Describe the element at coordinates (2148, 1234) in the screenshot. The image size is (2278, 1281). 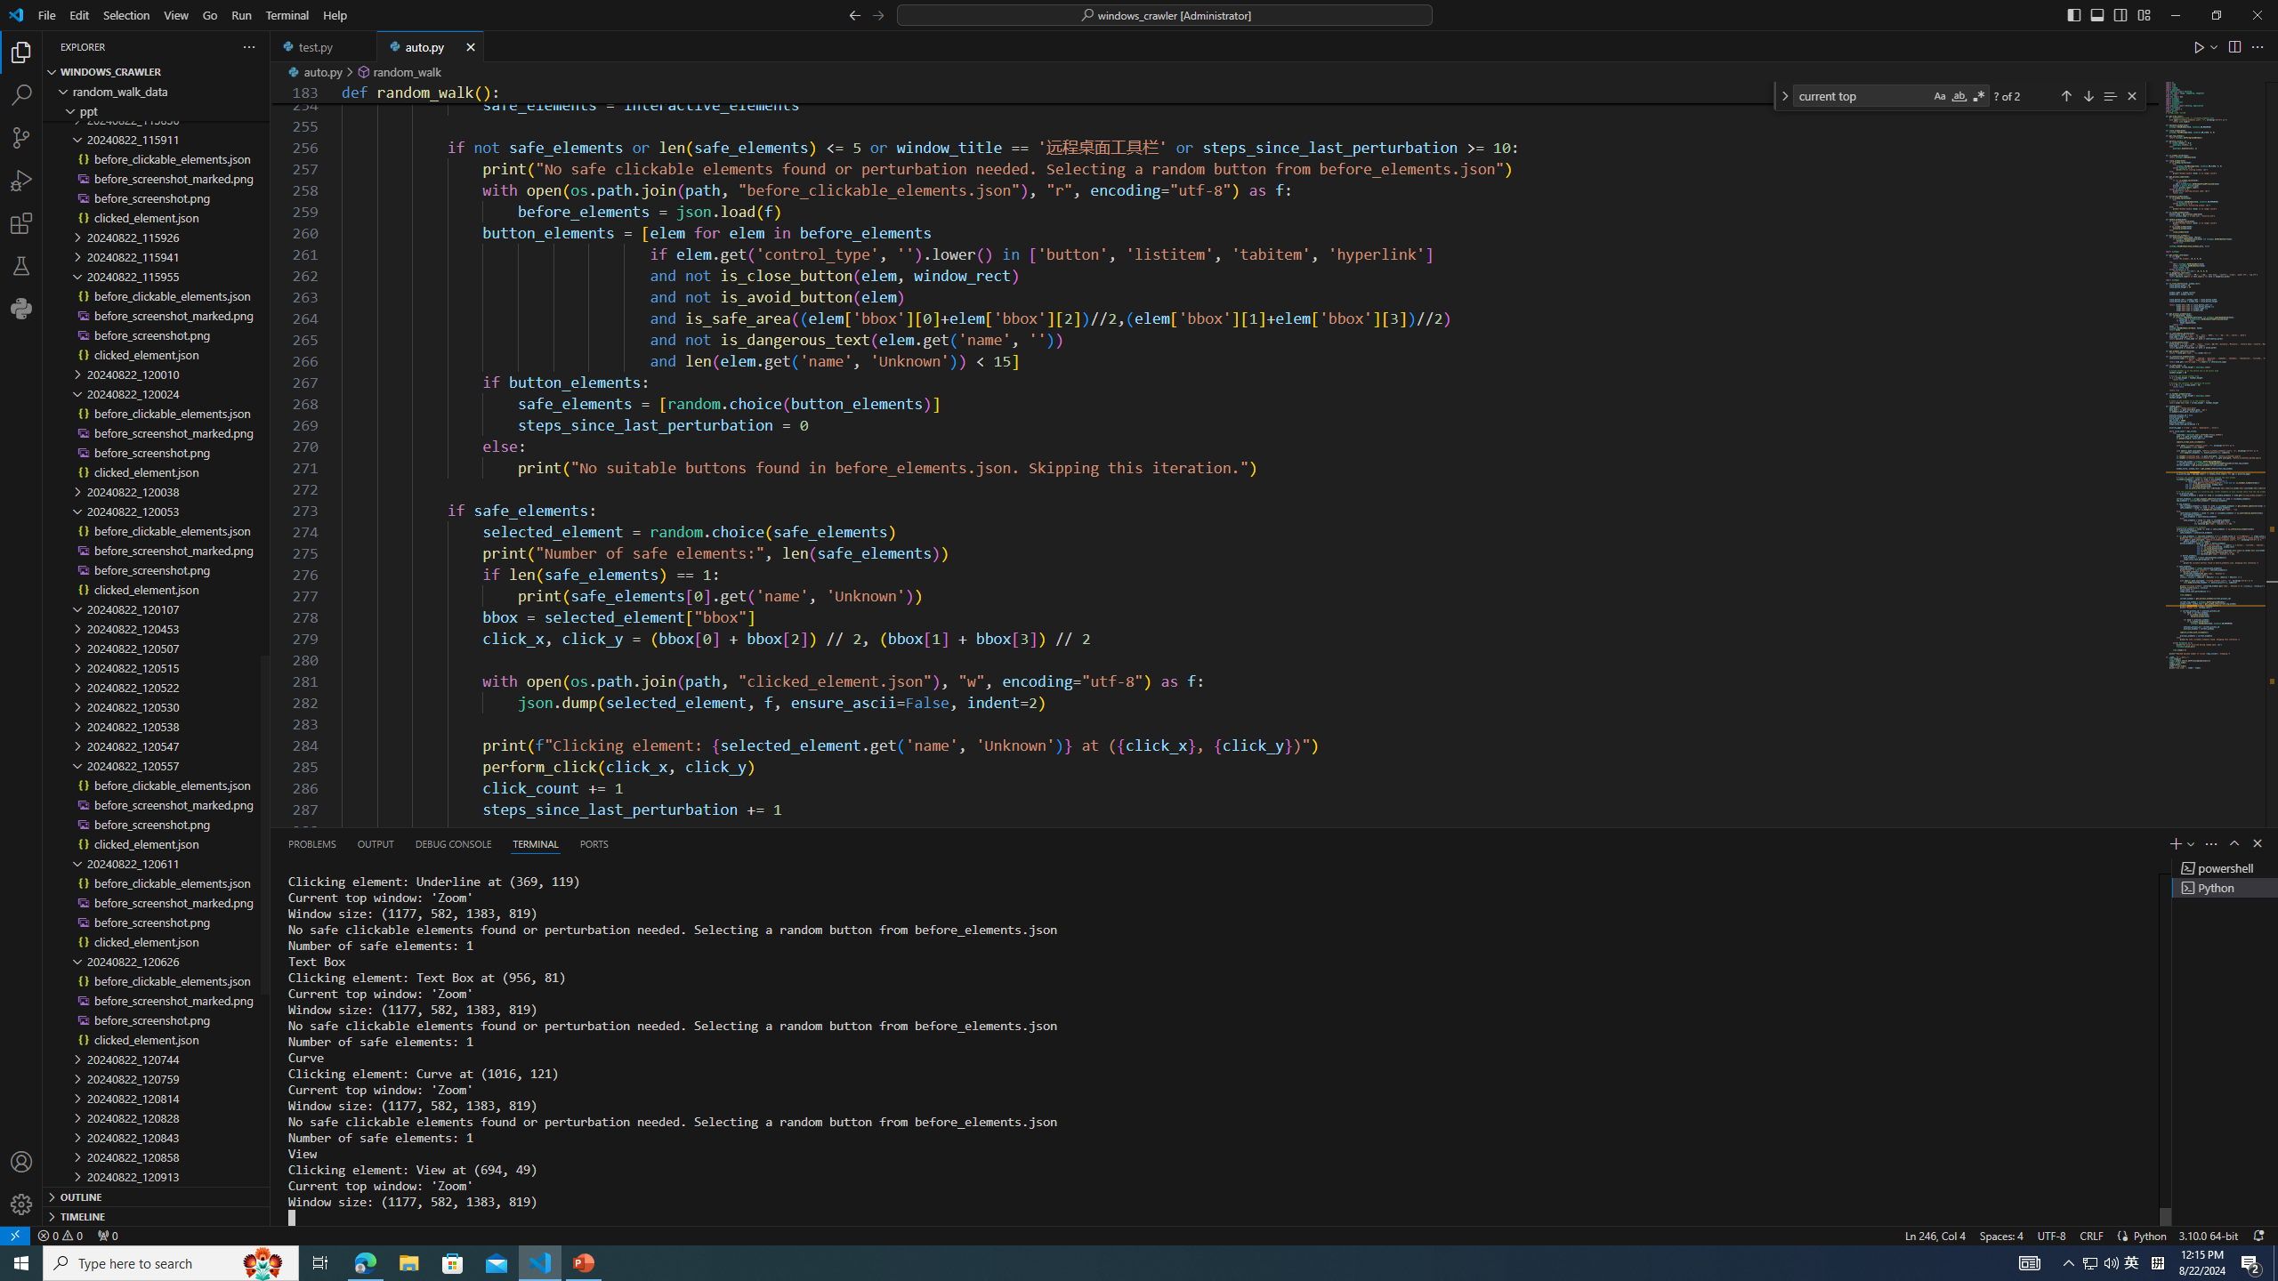
I see `'Python'` at that location.